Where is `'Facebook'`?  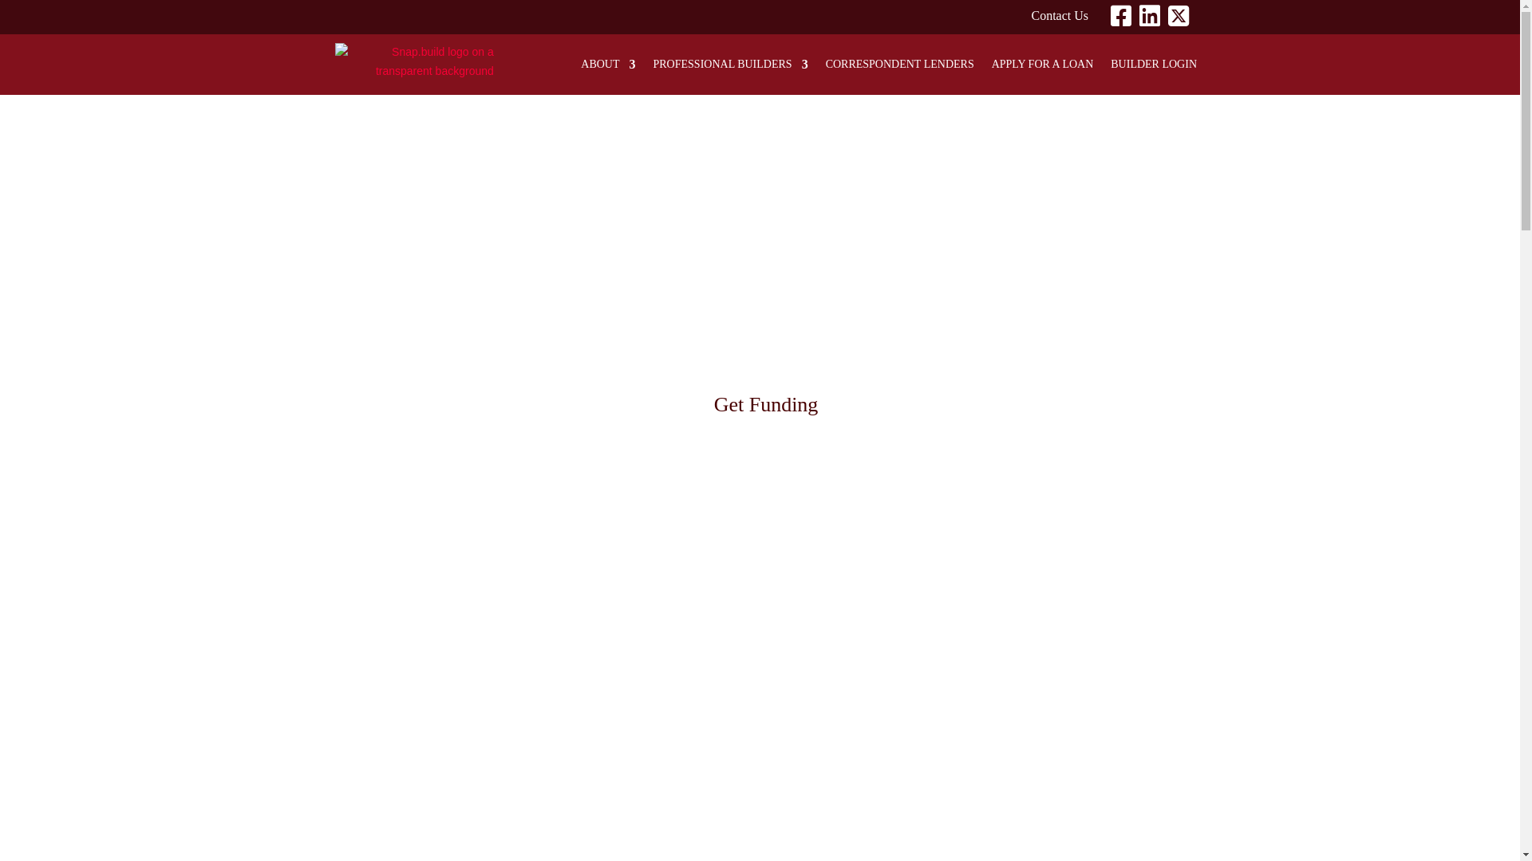
'Facebook' is located at coordinates (1124, 21).